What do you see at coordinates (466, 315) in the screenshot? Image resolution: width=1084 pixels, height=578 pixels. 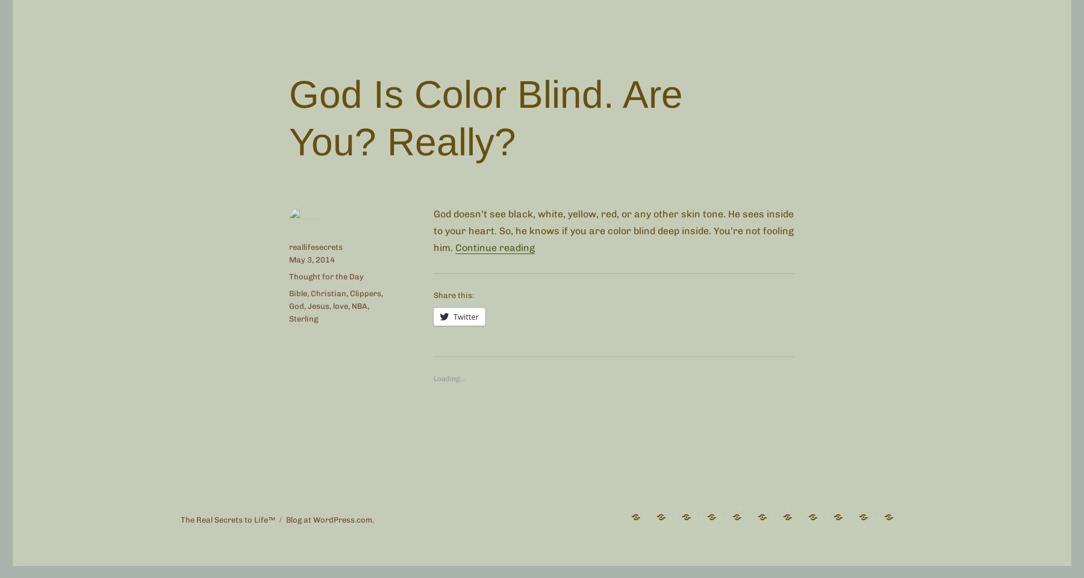 I see `'Twitter'` at bounding box center [466, 315].